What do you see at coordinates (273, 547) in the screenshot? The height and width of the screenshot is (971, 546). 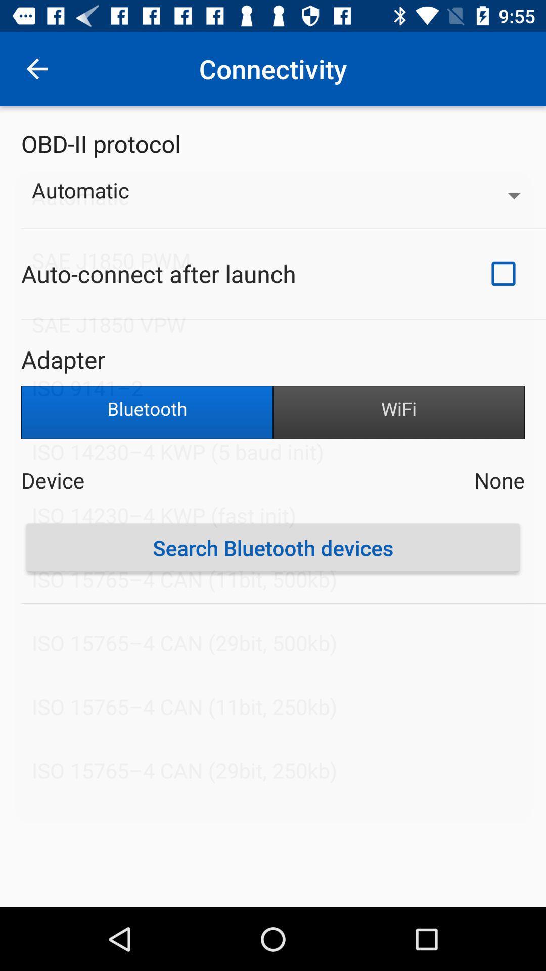 I see `the icon below the device item` at bounding box center [273, 547].